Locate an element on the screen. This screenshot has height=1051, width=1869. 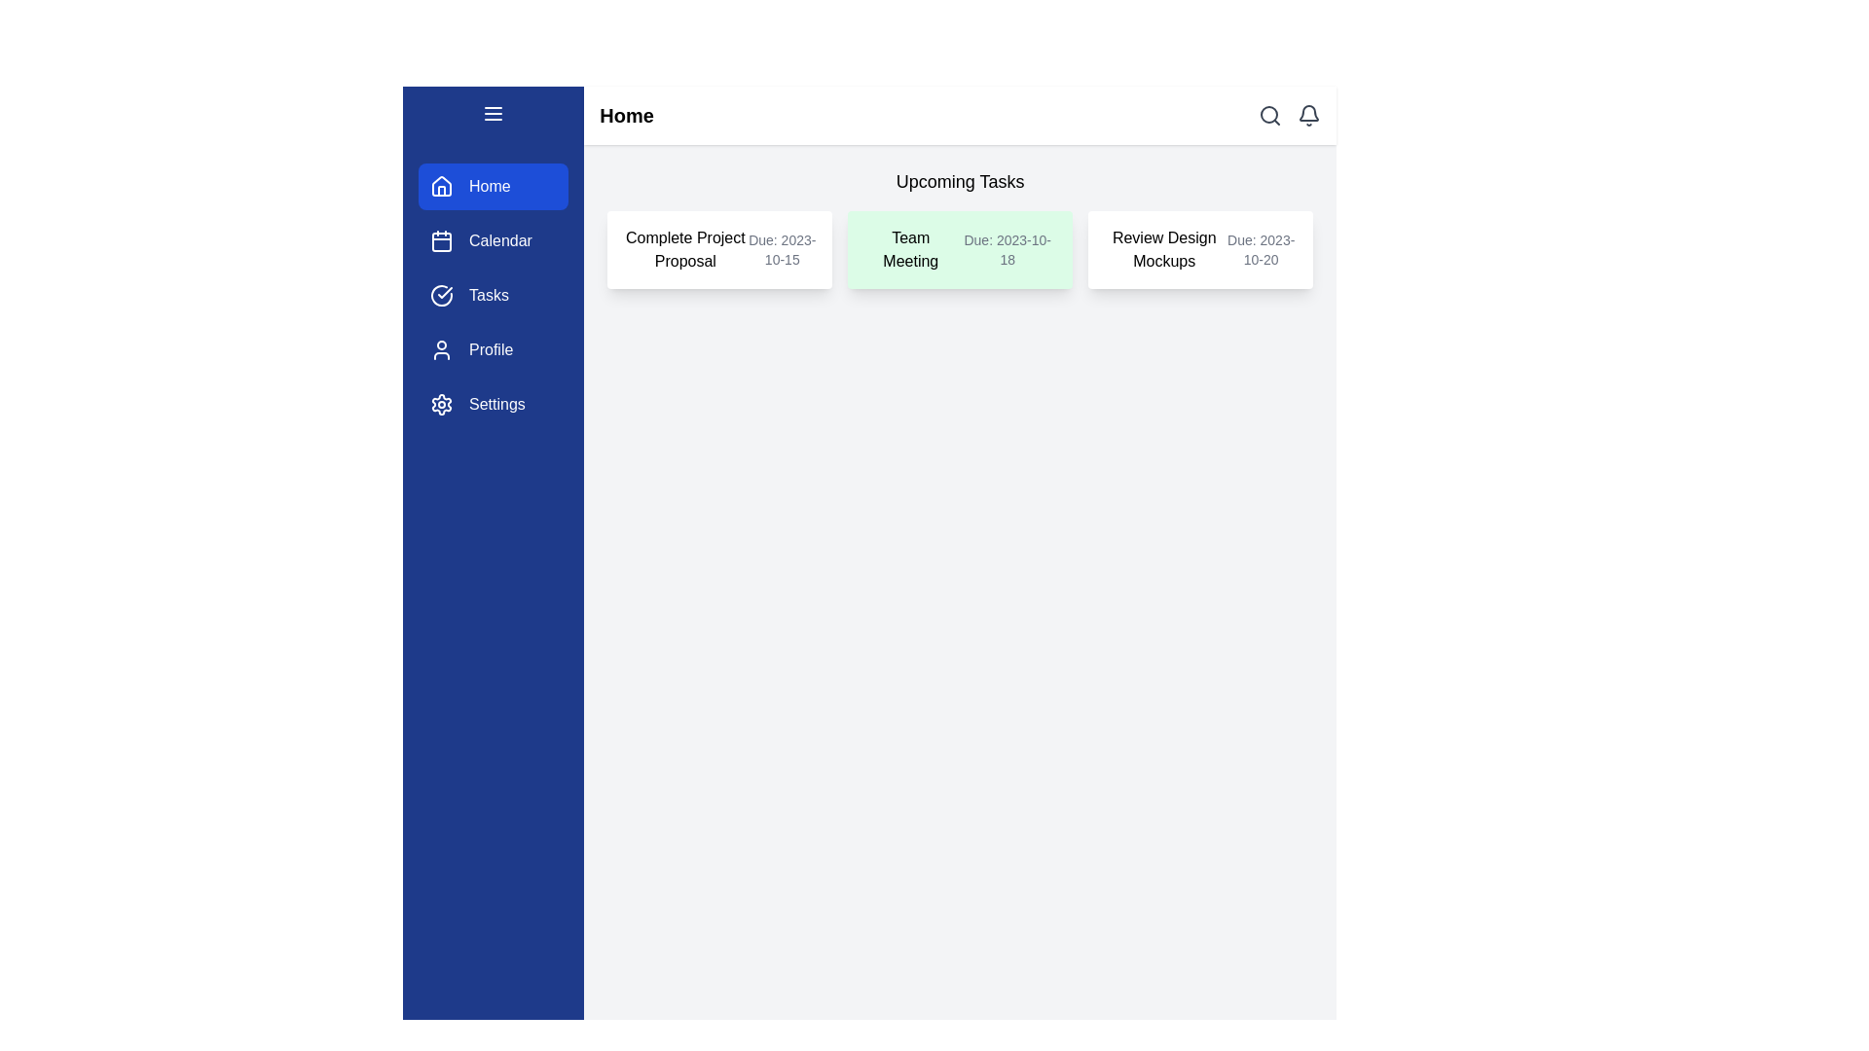
the toggle button icon, which is a menu icon represented by three horizontal lines stacked vertically is located at coordinates (494, 113).